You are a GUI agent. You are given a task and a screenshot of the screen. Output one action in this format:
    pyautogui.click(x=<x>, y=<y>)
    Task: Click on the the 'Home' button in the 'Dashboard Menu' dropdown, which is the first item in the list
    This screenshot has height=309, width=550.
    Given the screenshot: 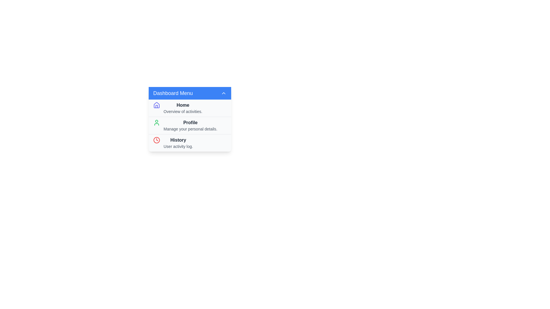 What is the action you would take?
    pyautogui.click(x=190, y=108)
    